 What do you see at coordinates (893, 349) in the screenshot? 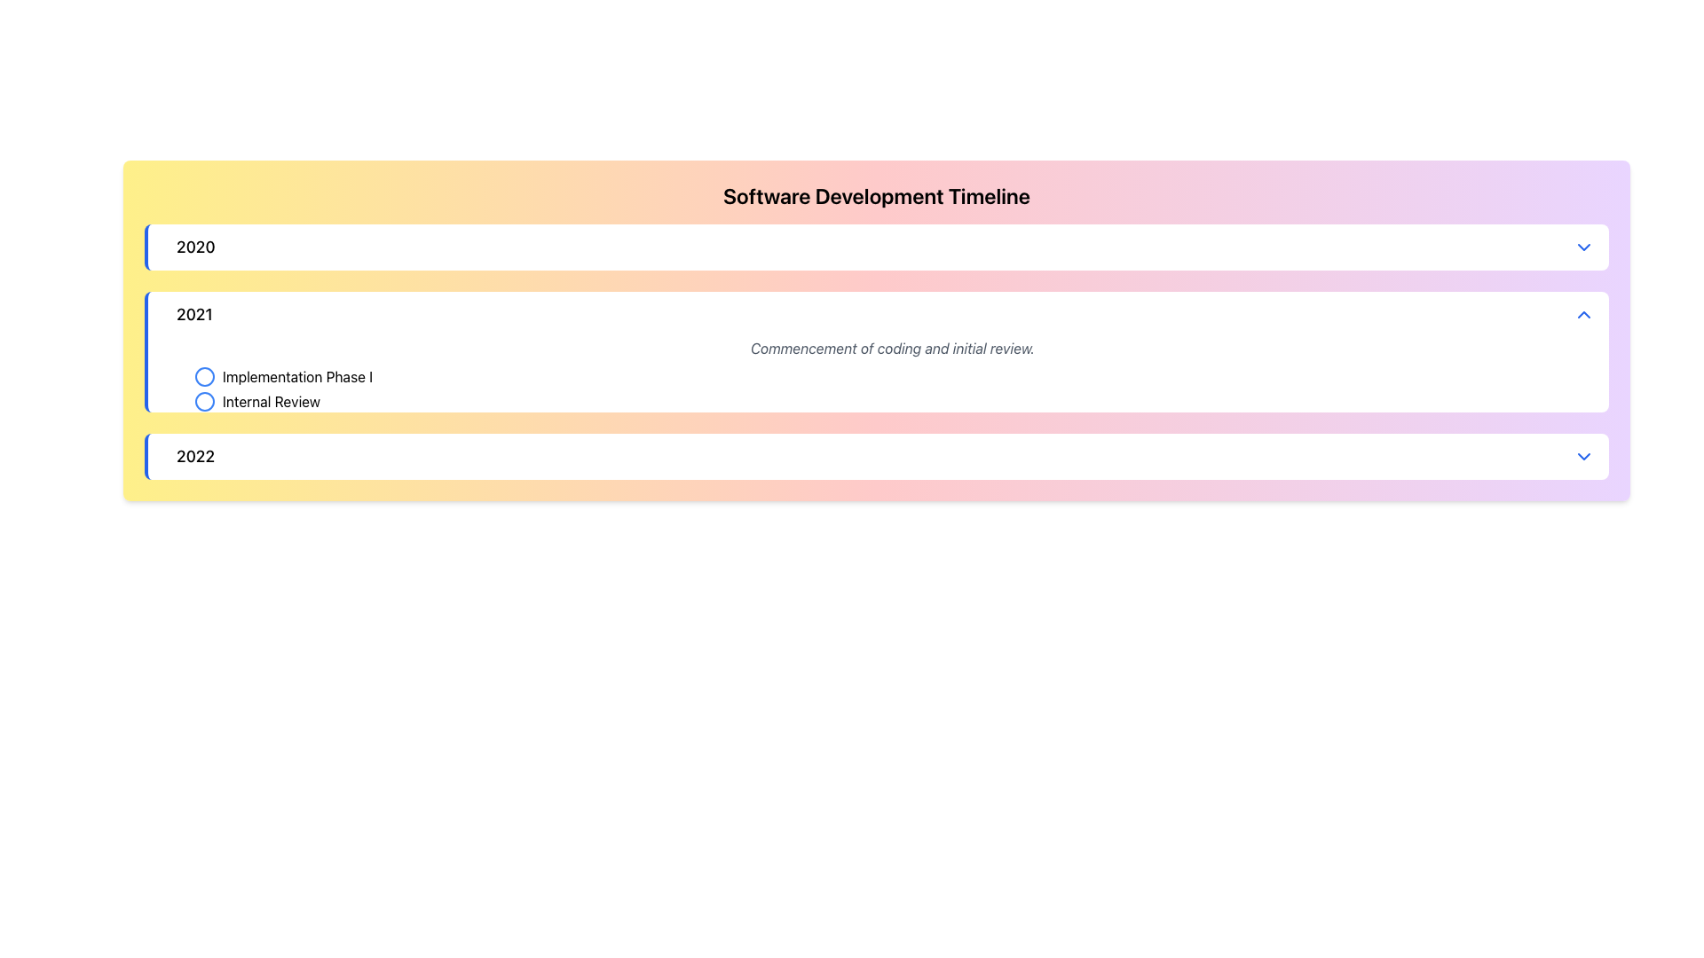
I see `the text label that reads 'Commencement of coding and initial review.' styled in italicized gray font, located under the year 2021 in the timeline interface` at bounding box center [893, 349].